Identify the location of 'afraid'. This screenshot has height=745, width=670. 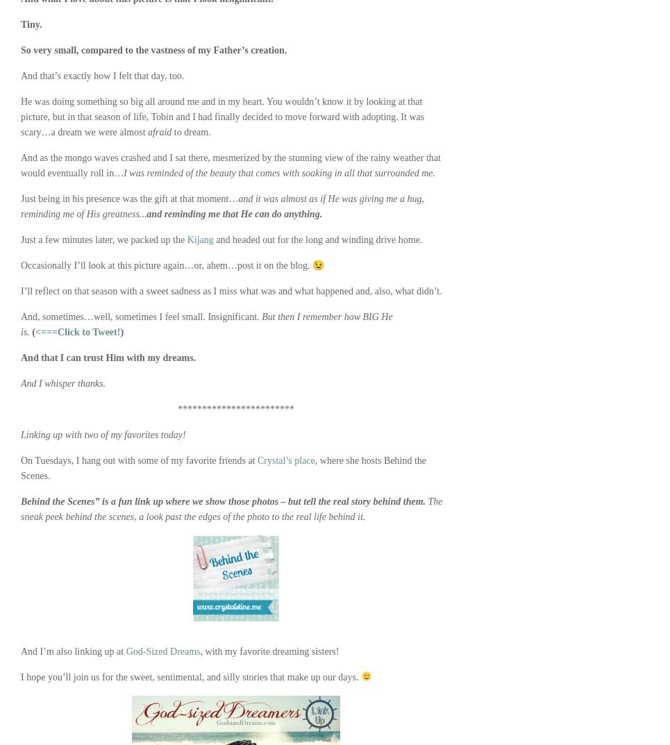
(158, 132).